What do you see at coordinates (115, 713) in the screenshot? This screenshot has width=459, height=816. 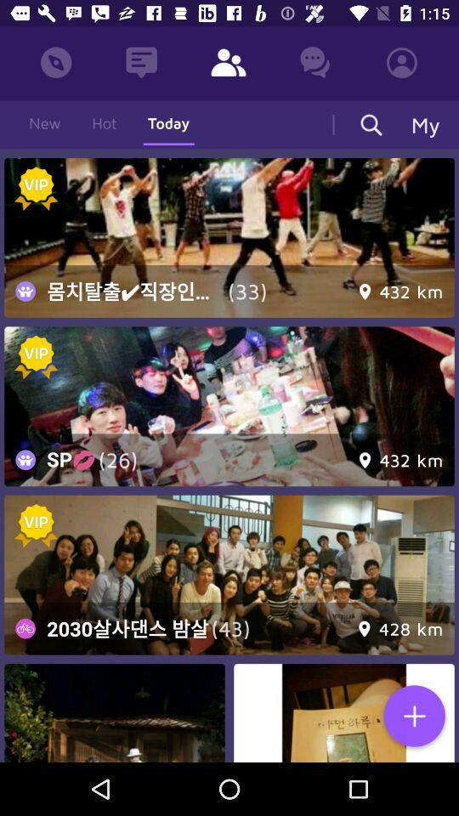 I see `image icon` at bounding box center [115, 713].